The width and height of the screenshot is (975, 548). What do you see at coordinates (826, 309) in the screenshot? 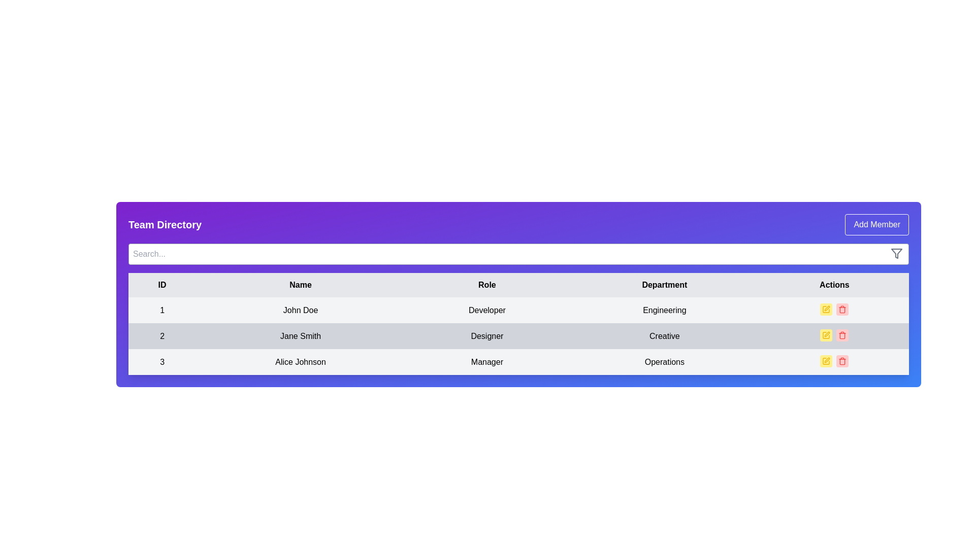
I see `the yellow rounded button with a pen icon in the first row of action buttons` at bounding box center [826, 309].